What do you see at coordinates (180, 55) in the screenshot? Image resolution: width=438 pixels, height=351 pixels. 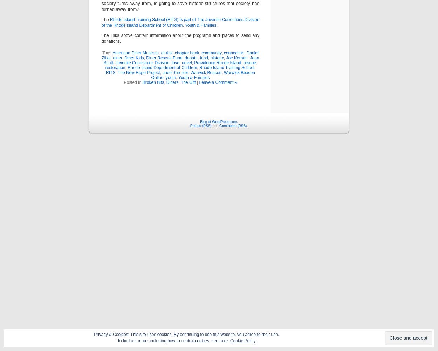 I see `'Daniel Zilka'` at bounding box center [180, 55].